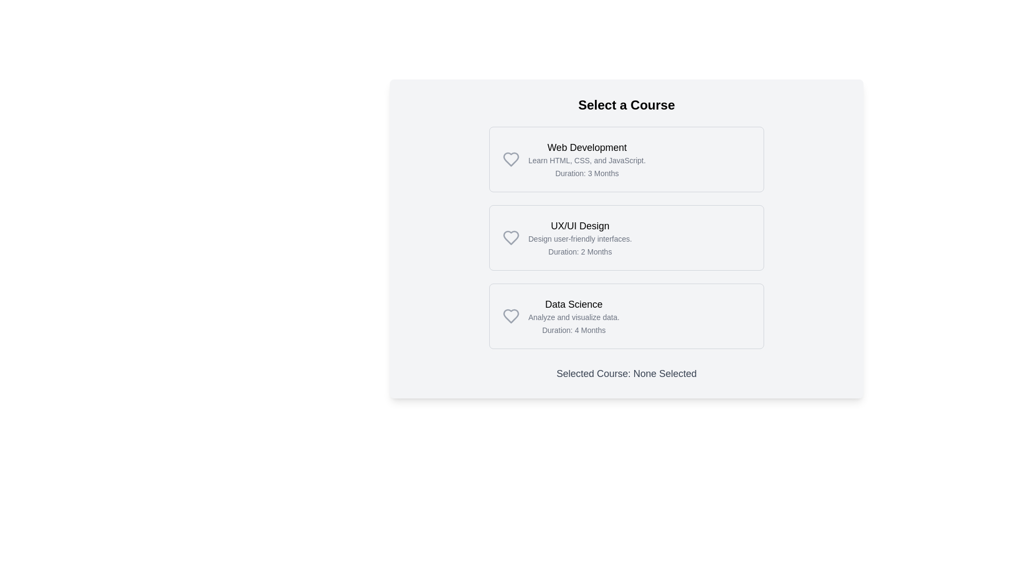 This screenshot has width=1031, height=580. What do you see at coordinates (586, 173) in the screenshot?
I see `the text label reading 'Duration: 3 Months' styled in small gray text, located below the course description in the Web Development section` at bounding box center [586, 173].